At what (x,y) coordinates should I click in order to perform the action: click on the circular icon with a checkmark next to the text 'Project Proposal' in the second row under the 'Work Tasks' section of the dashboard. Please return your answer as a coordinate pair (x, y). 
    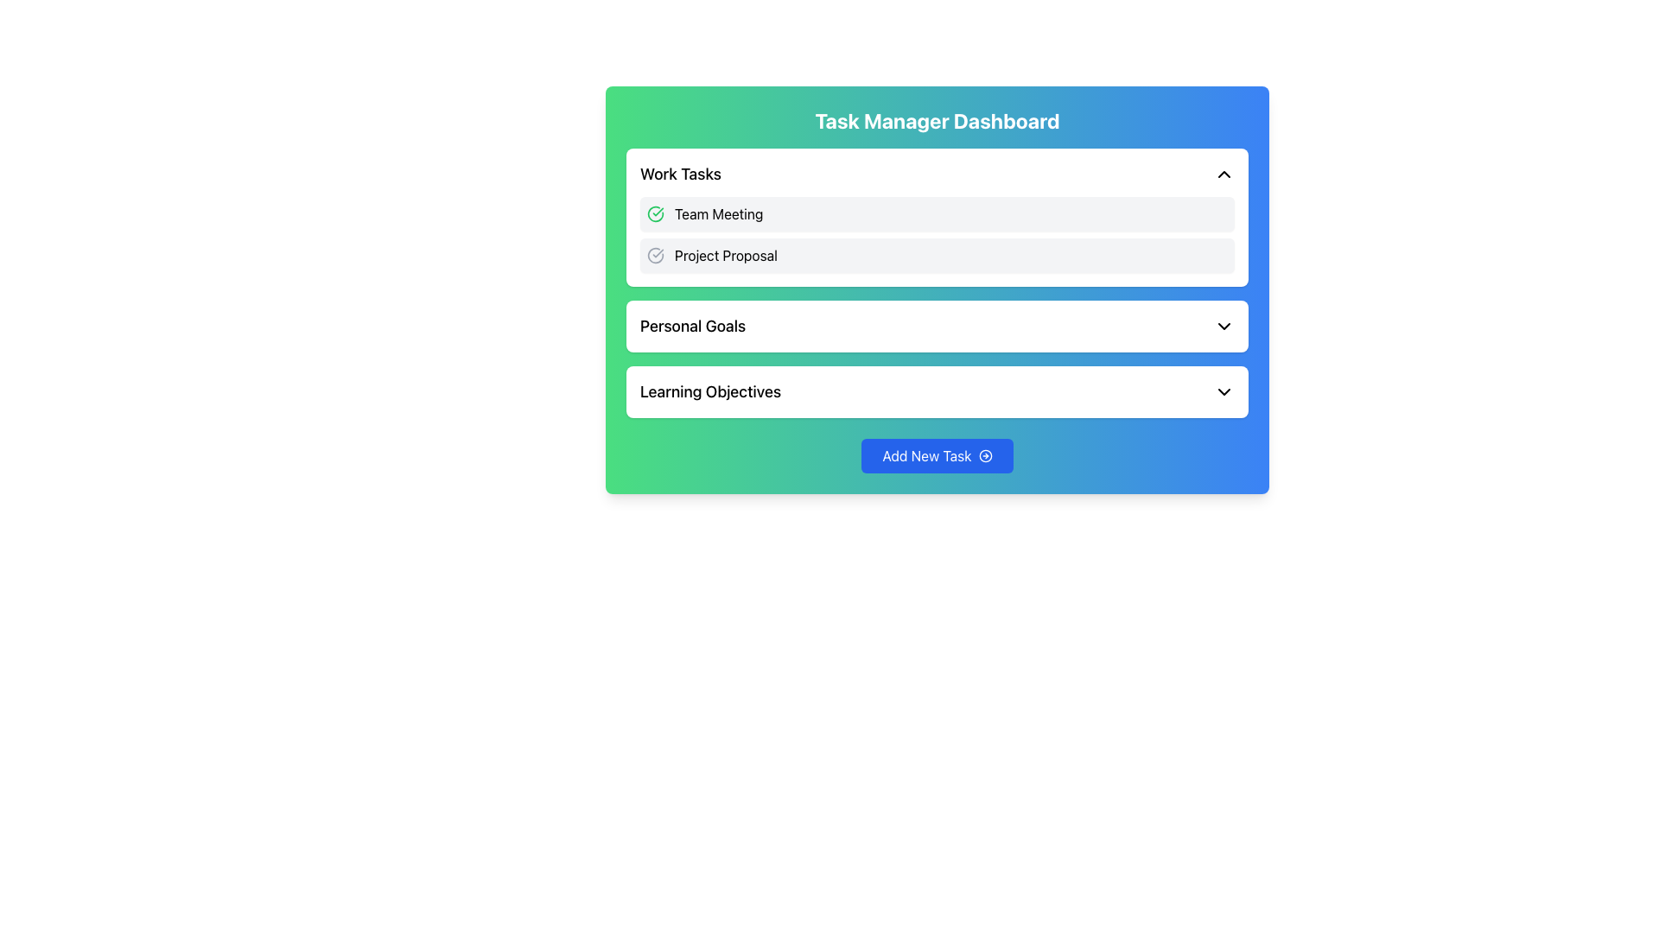
    Looking at the image, I should click on (654, 256).